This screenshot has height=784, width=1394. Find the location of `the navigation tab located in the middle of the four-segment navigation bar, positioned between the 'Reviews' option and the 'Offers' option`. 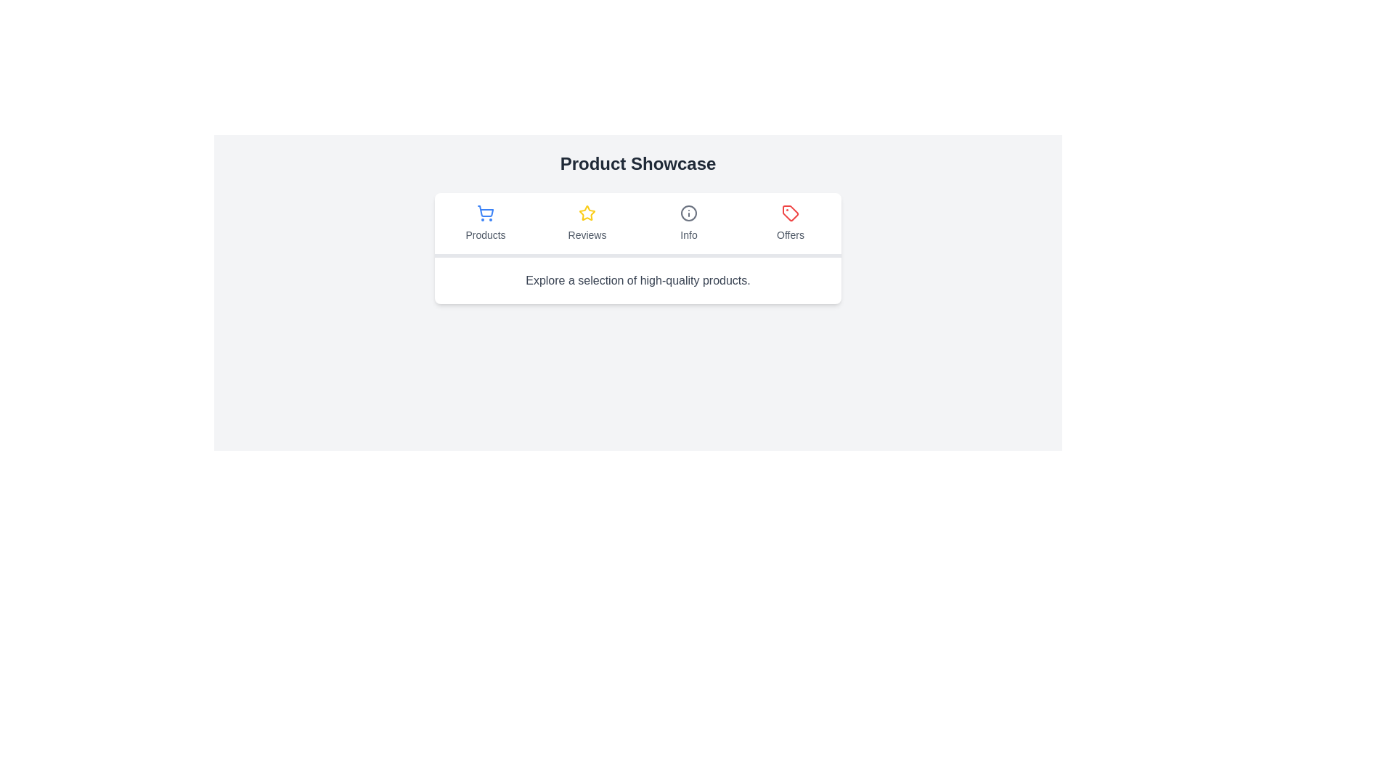

the navigation tab located in the middle of the four-segment navigation bar, positioned between the 'Reviews' option and the 'Offers' option is located at coordinates (688, 224).